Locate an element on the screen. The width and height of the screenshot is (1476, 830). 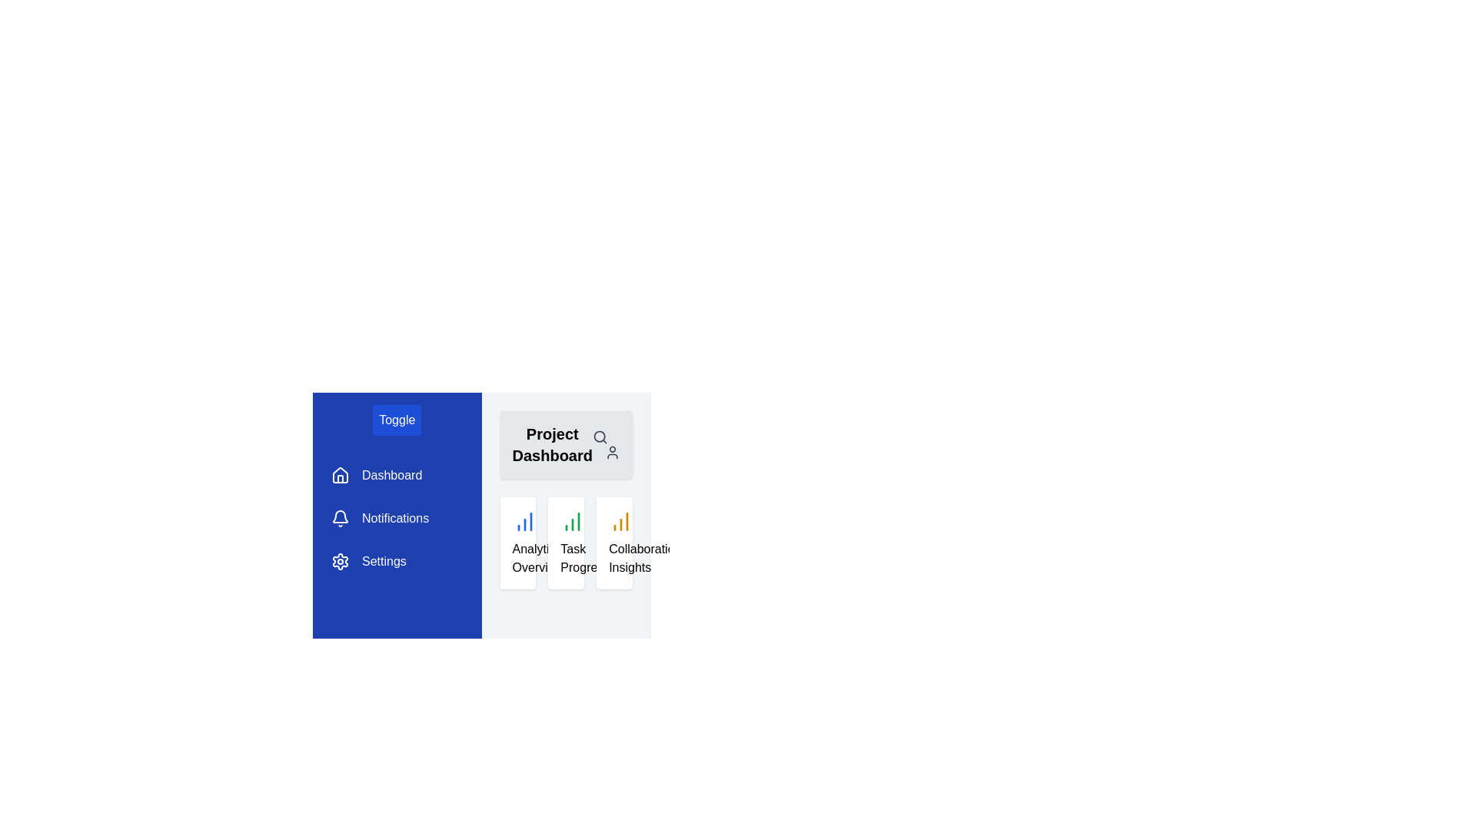
the third card in the 'Project Dashboard' labeled as a collaboration insights card is located at coordinates (613, 542).